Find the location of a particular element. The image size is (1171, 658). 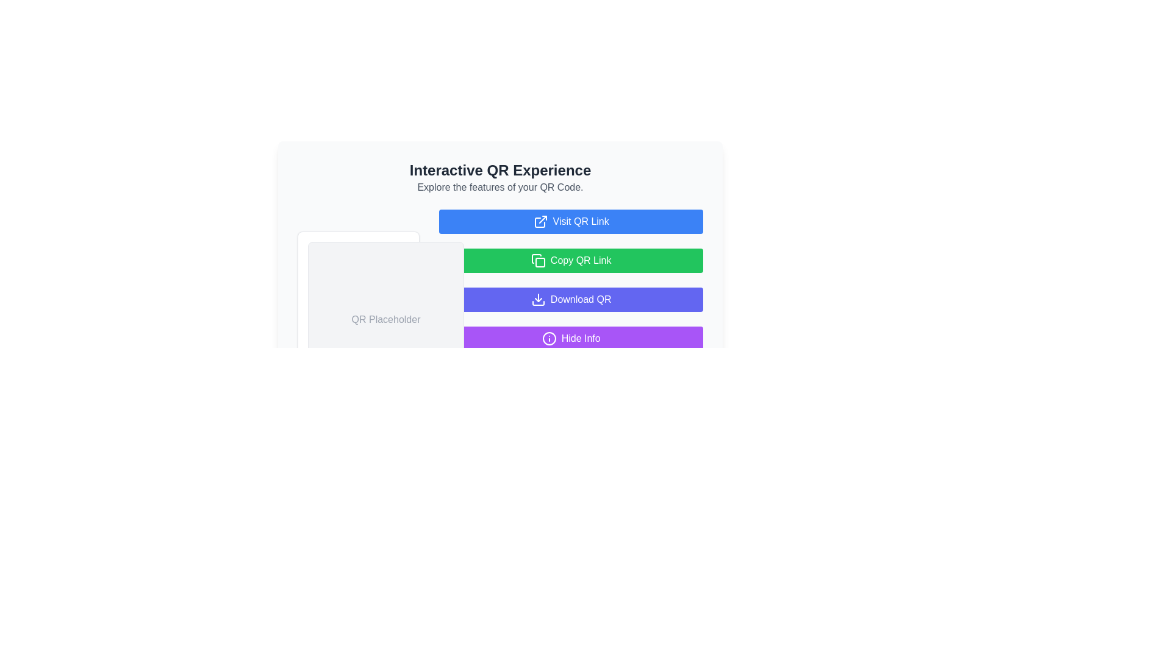

the first button in the 'Interactive QR Experience' group is located at coordinates (570, 221).